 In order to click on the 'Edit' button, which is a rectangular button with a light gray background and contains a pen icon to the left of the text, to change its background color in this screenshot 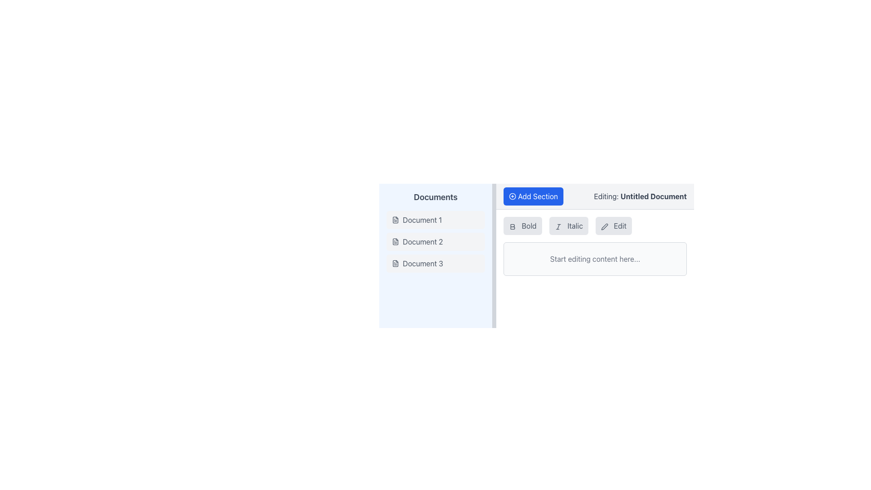, I will do `click(614, 225)`.